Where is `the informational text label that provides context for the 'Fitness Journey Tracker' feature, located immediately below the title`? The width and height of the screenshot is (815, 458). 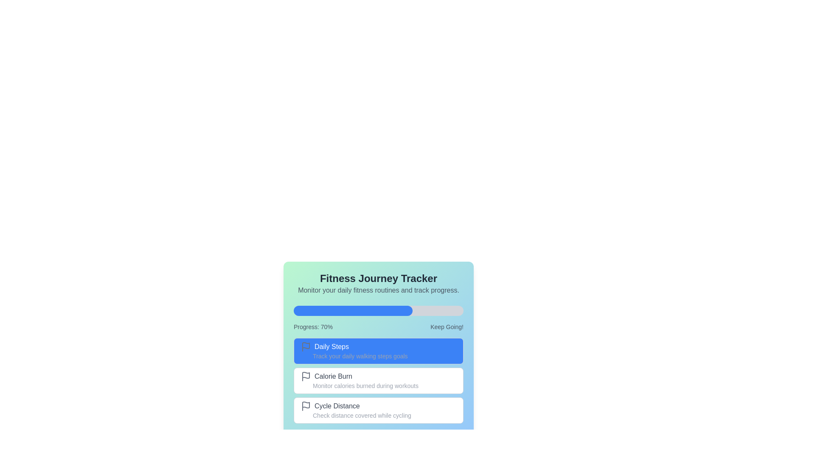
the informational text label that provides context for the 'Fitness Journey Tracker' feature, located immediately below the title is located at coordinates (378, 290).